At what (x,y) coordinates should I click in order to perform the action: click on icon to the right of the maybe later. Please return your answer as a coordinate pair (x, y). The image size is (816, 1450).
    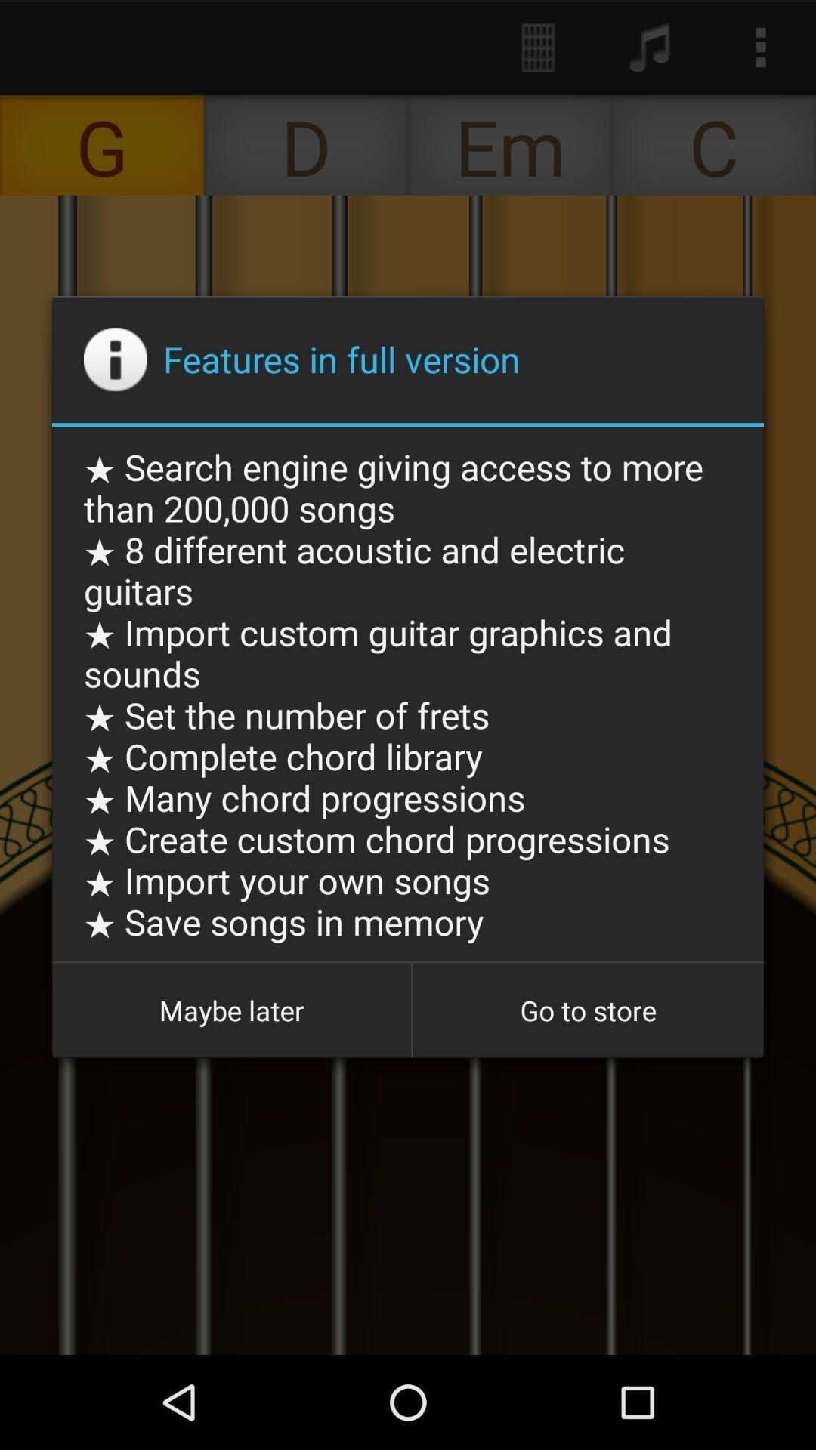
    Looking at the image, I should click on (587, 1010).